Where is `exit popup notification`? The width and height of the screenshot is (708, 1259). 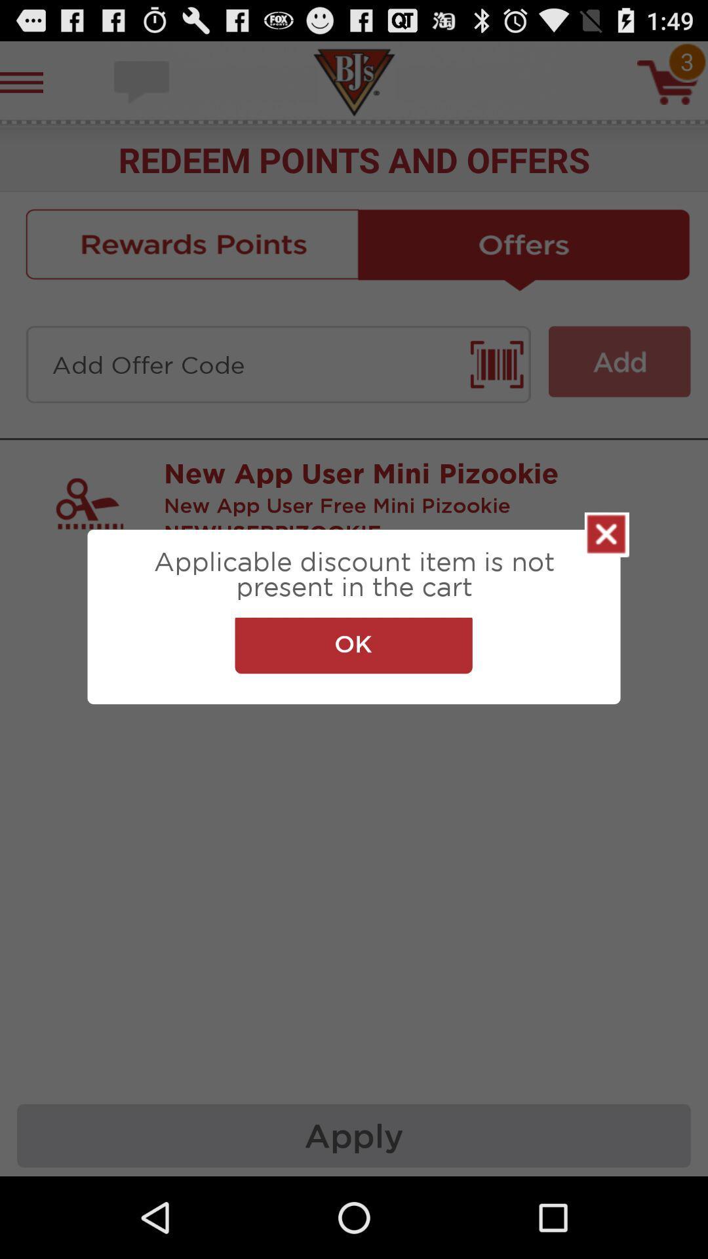 exit popup notification is located at coordinates (606, 534).